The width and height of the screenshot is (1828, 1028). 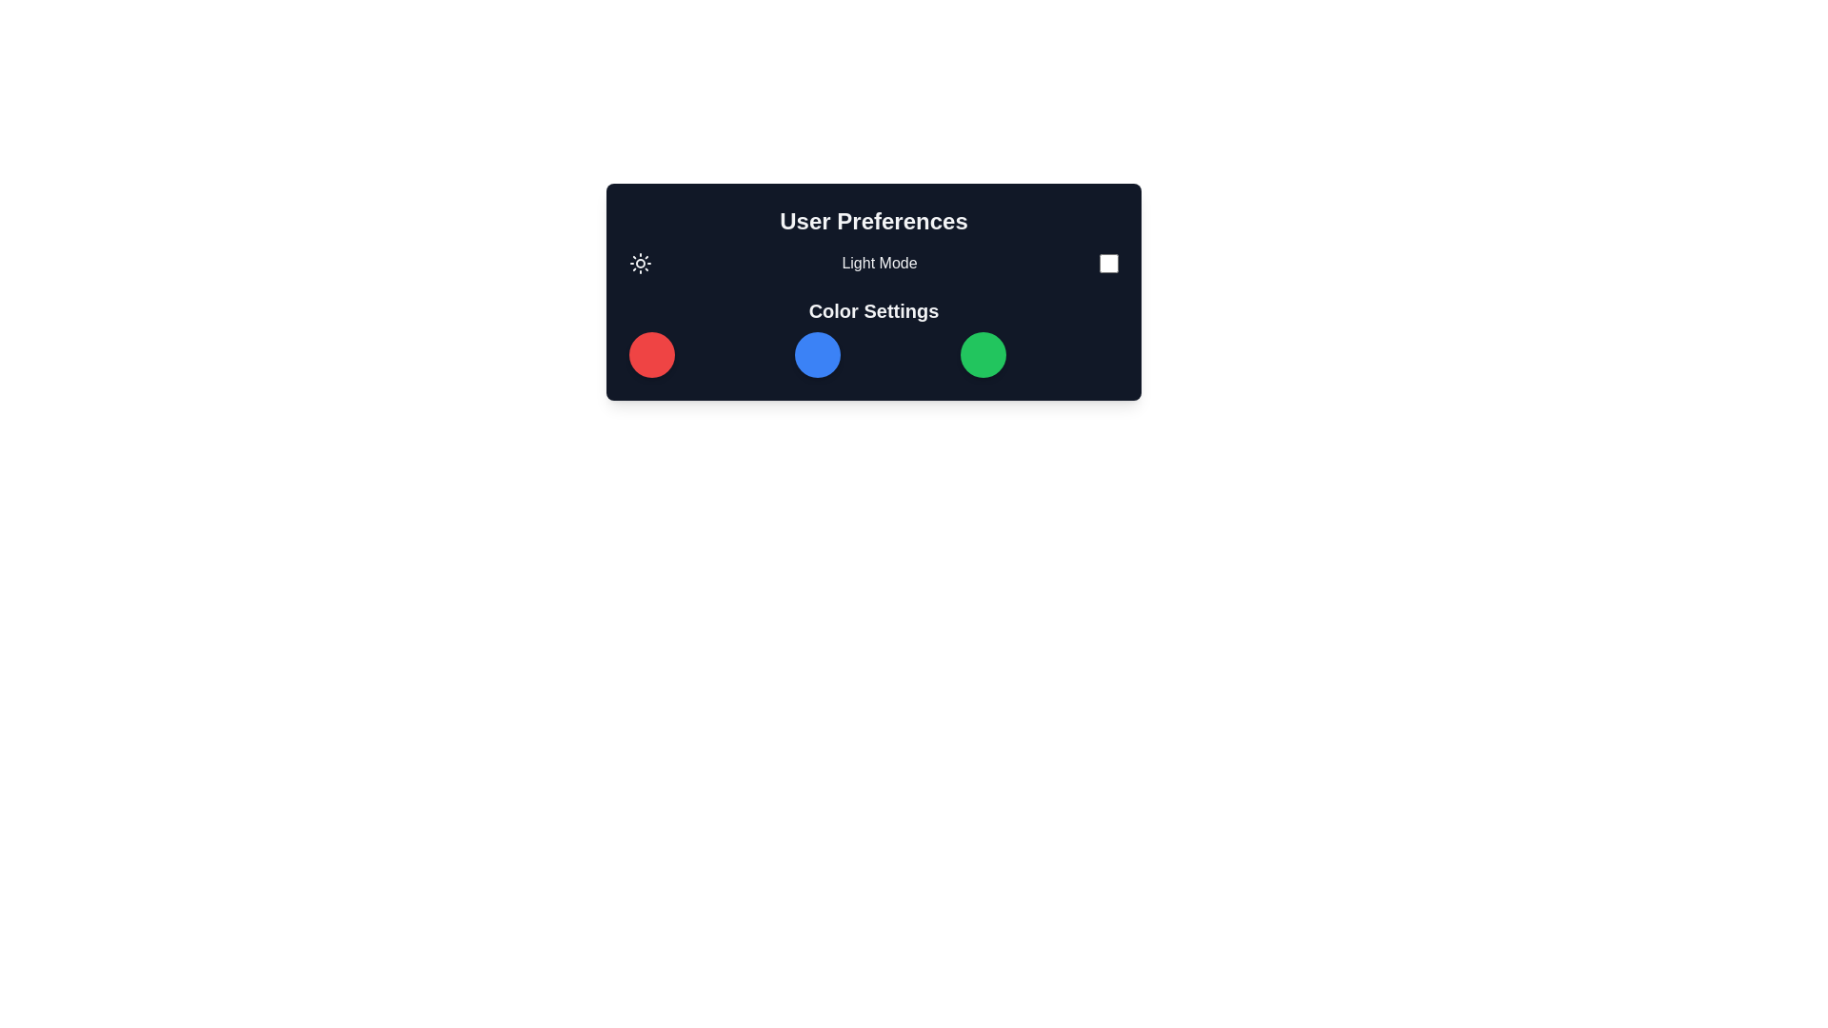 What do you see at coordinates (879, 264) in the screenshot?
I see `the 'Light Mode' label, which displays the text in white against a dark background, positioned between a sun icon and a checkbox toggle` at bounding box center [879, 264].